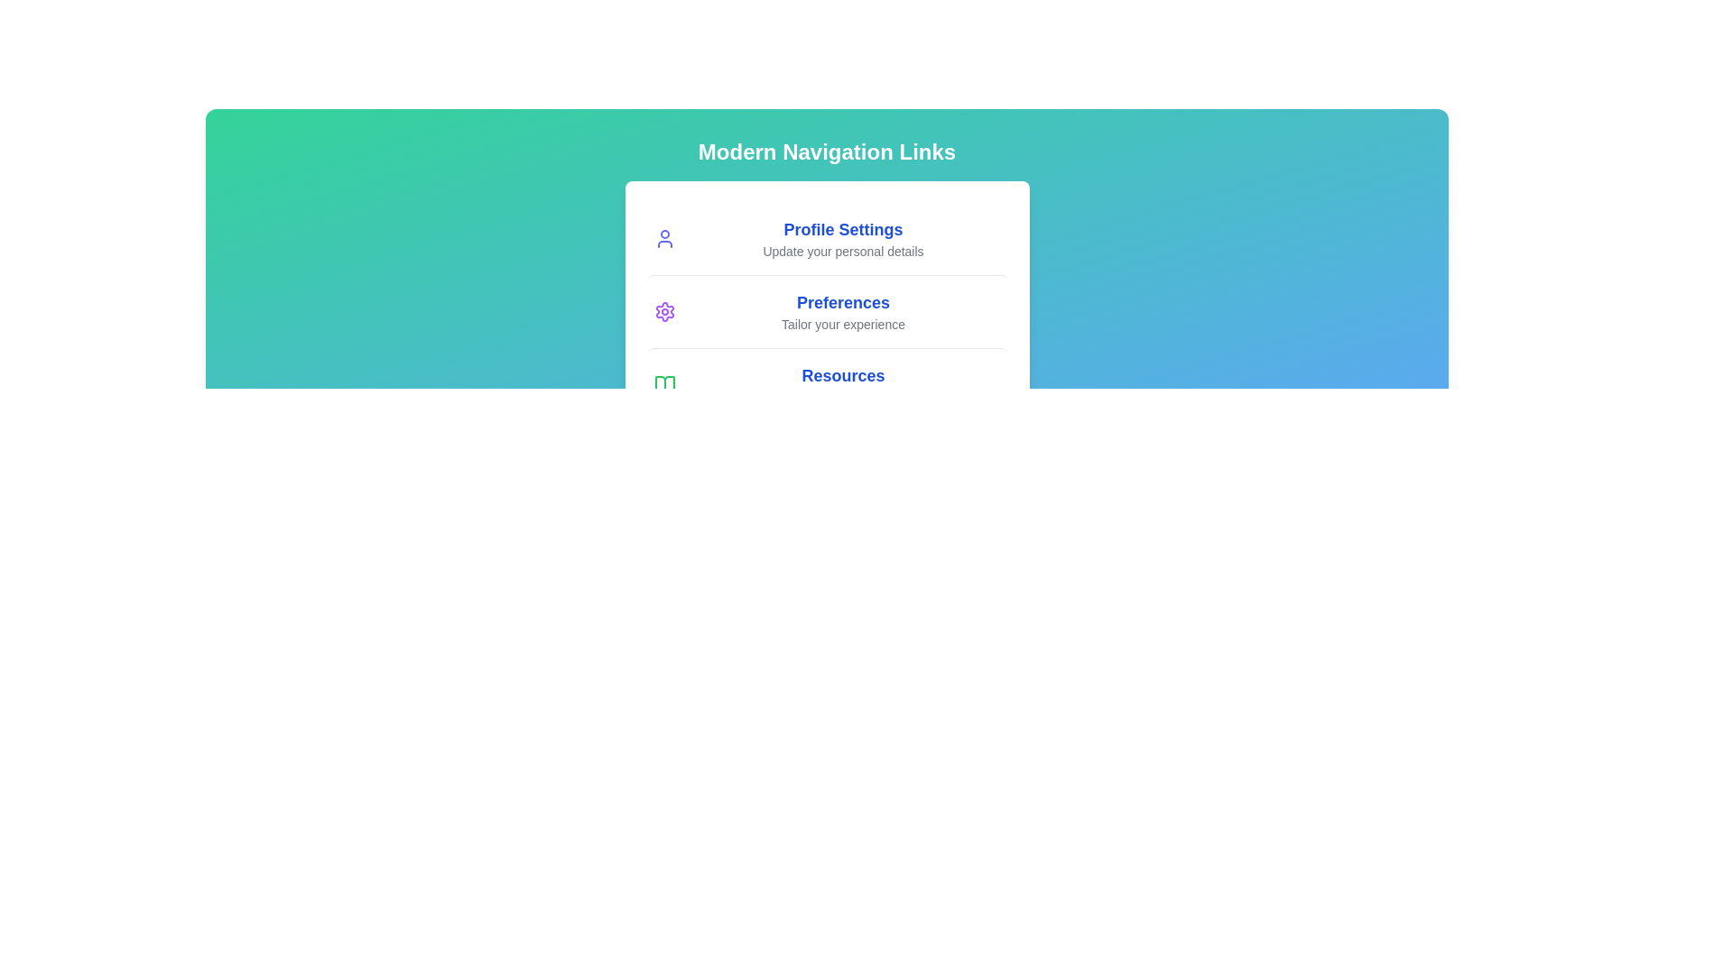  What do you see at coordinates (842, 374) in the screenshot?
I see `the 'Resources' hyperlink, which is styled with a bold font and blue color, located above the text 'Access helpful guides' in the 'Preferences' section` at bounding box center [842, 374].